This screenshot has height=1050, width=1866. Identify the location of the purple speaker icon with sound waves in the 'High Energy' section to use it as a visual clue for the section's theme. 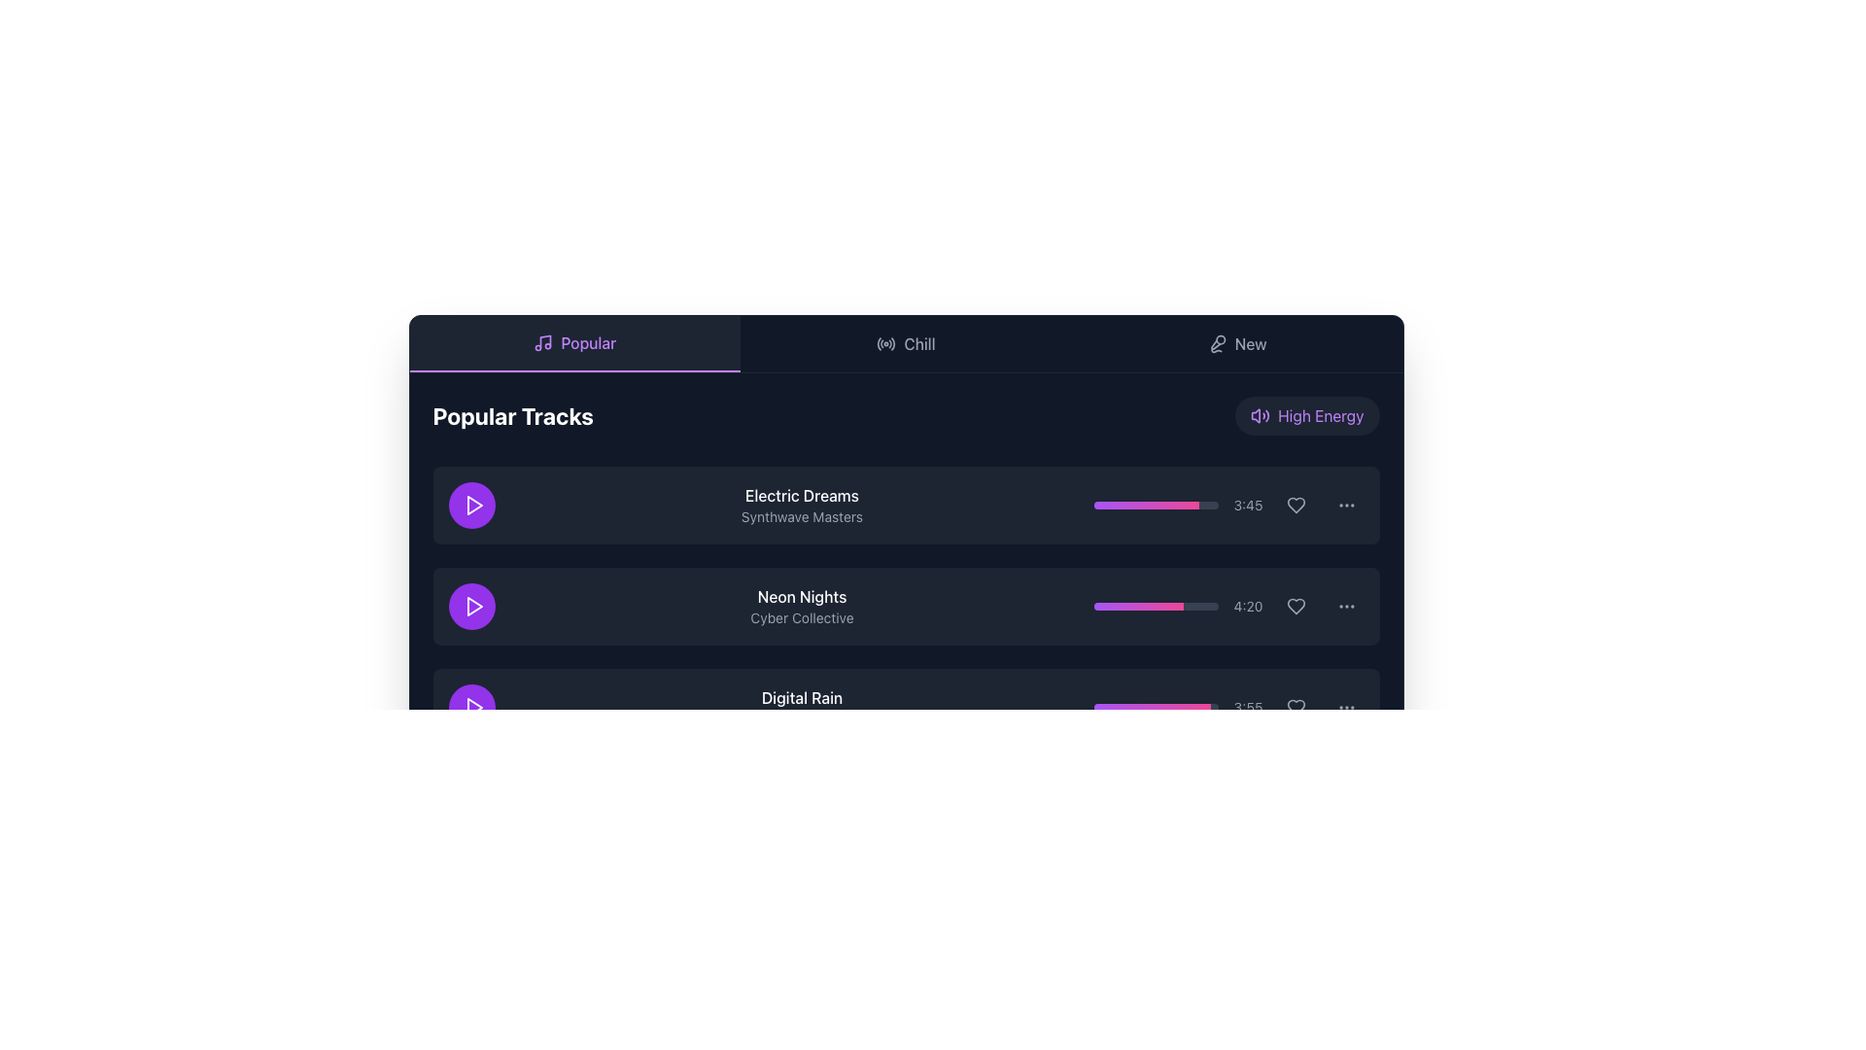
(1261, 415).